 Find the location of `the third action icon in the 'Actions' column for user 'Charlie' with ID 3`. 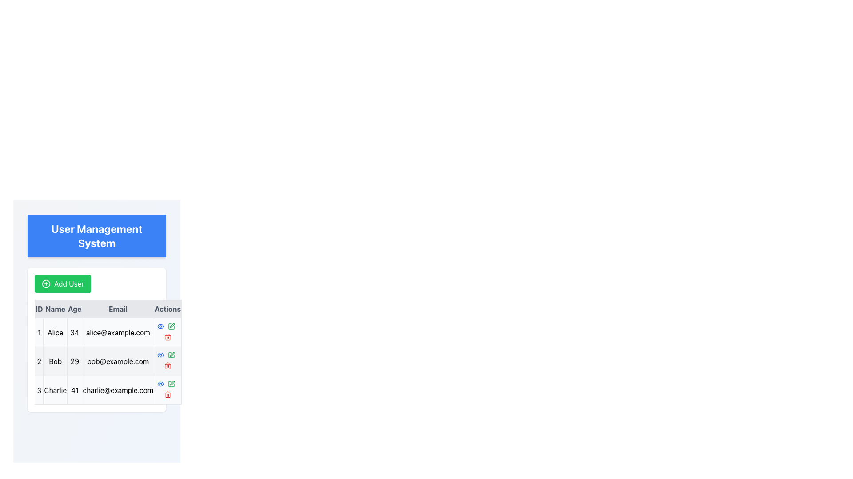

the third action icon in the 'Actions' column for user 'Charlie' with ID 3 is located at coordinates (171, 384).